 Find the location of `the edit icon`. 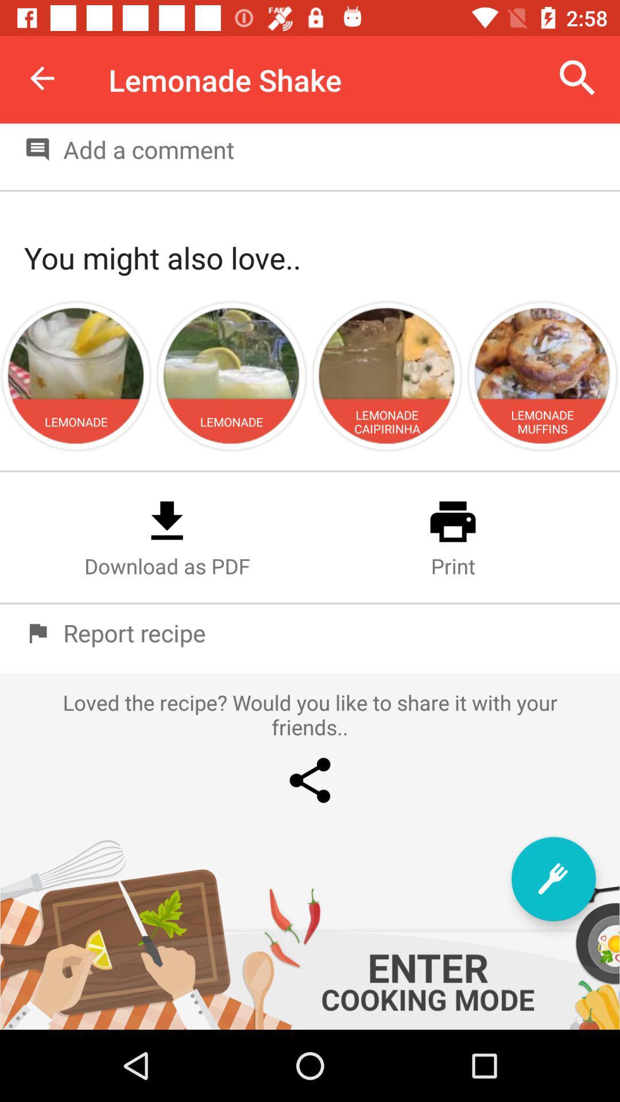

the edit icon is located at coordinates (553, 878).